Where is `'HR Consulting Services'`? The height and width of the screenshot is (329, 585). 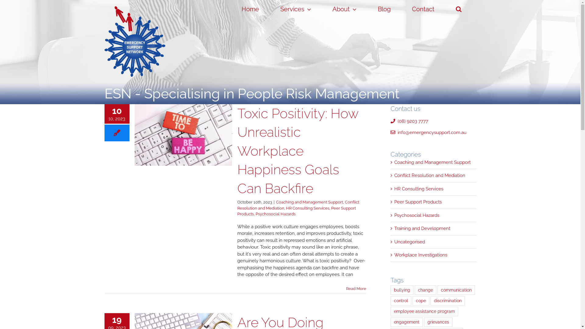 'HR Consulting Services' is located at coordinates (433, 188).